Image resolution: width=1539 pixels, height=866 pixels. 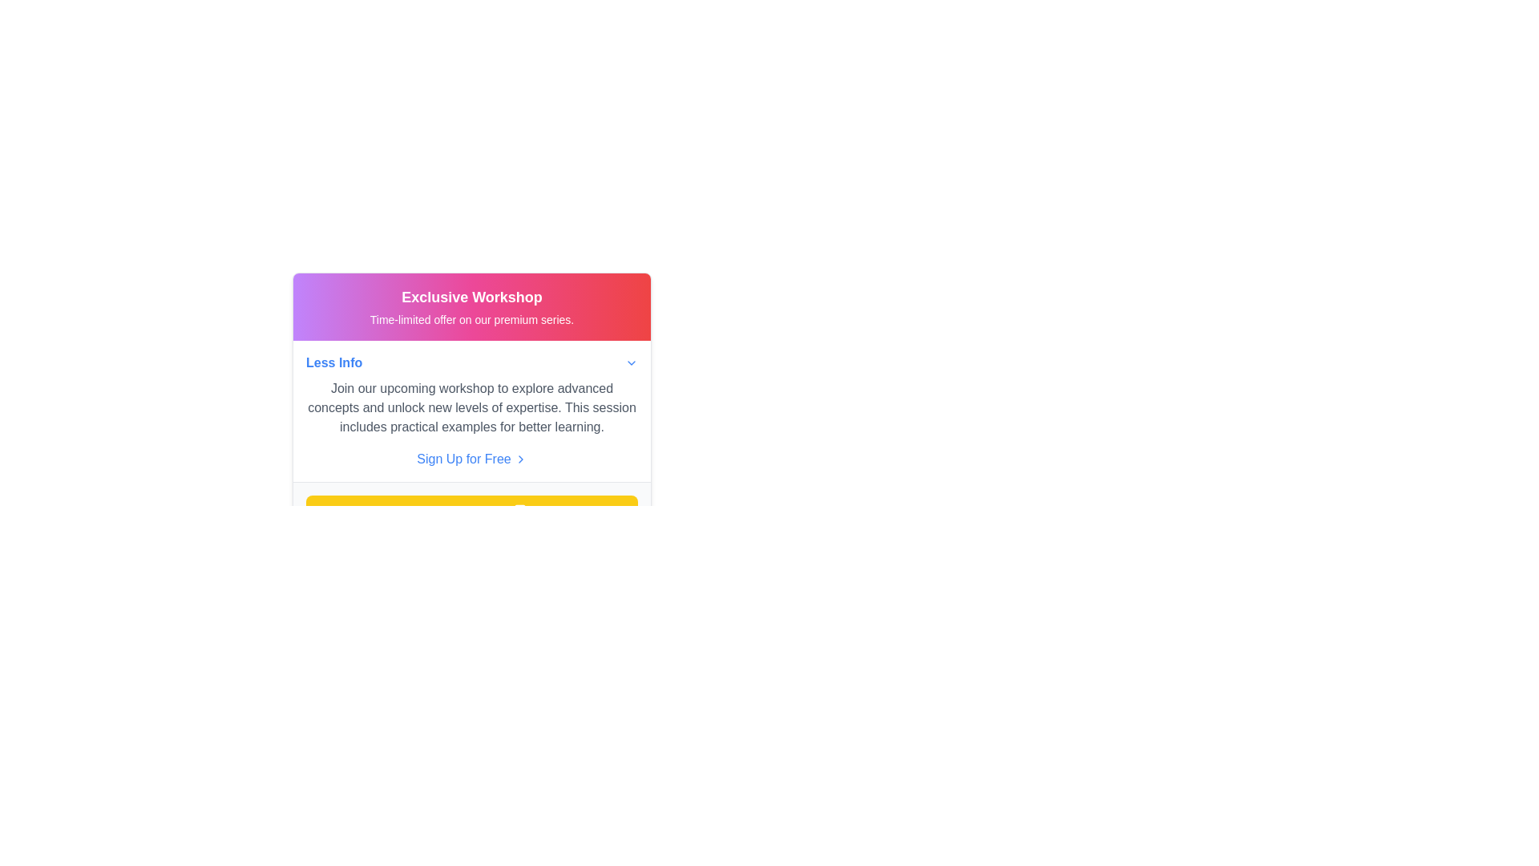 What do you see at coordinates (471, 407) in the screenshot?
I see `information provided in the Text block located below the 'Less Info' heading and above the 'Sign Up for Free' button` at bounding box center [471, 407].